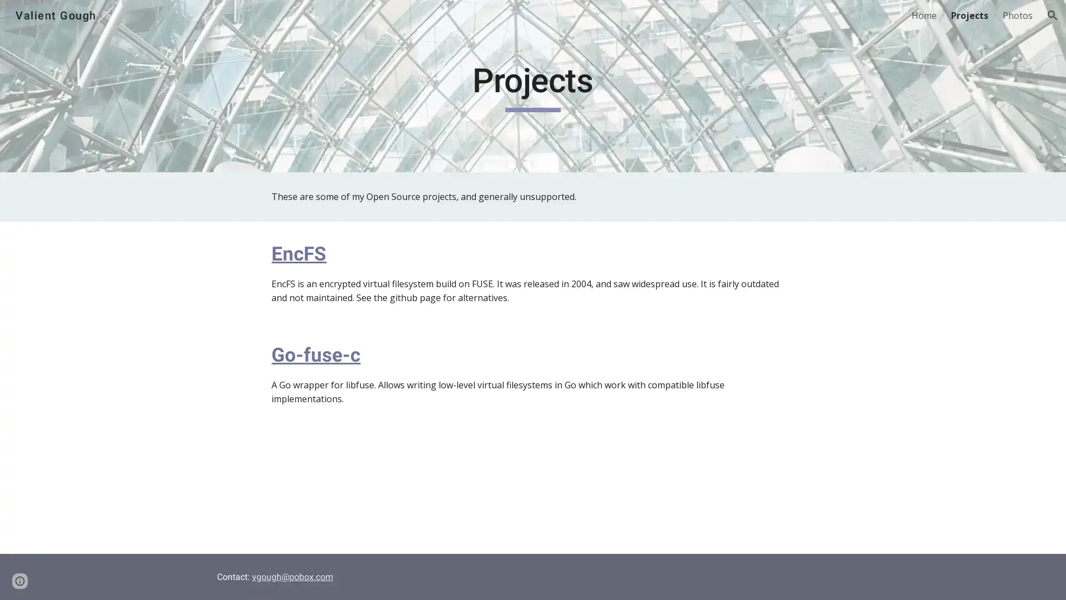  I want to click on Skip to navigation, so click(632, 21).